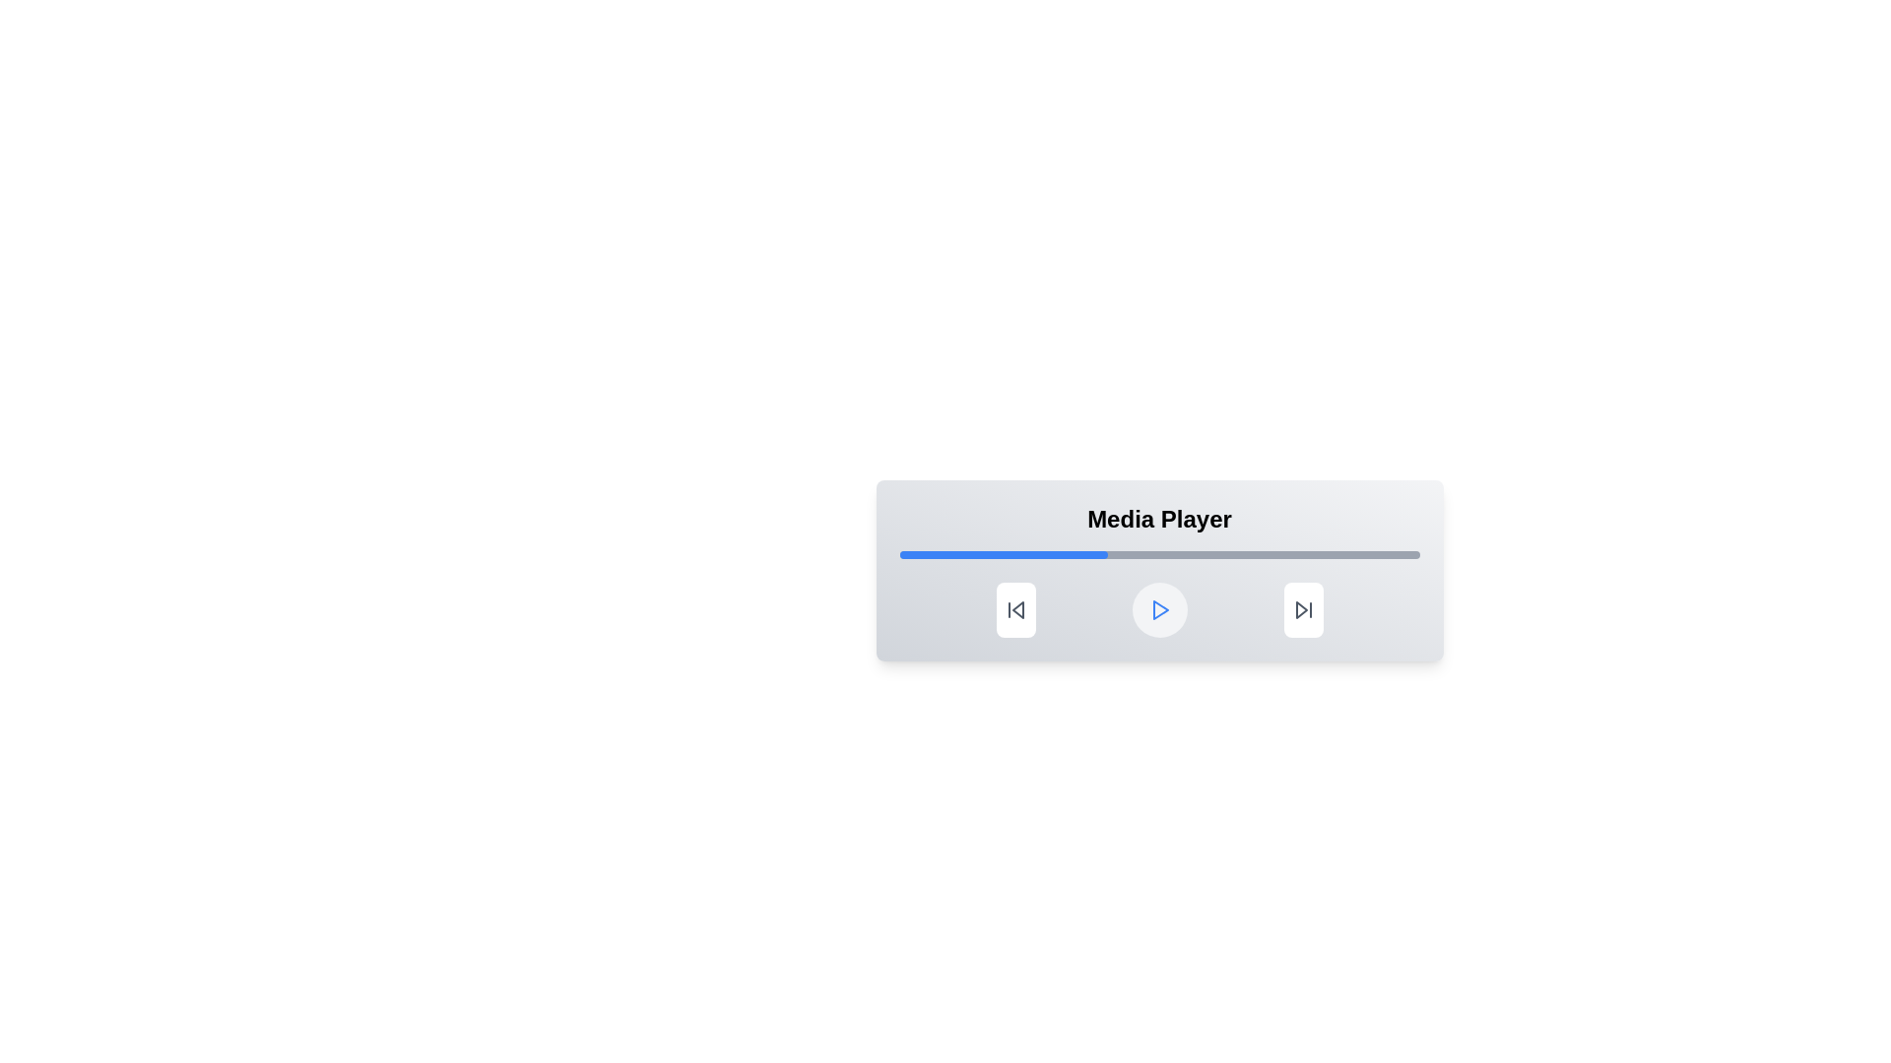  What do you see at coordinates (1303, 609) in the screenshot?
I see `the skip-forward button, which is a white rectangular button with rounded corners and a dark-colored triangle icon, located in the media player footer section` at bounding box center [1303, 609].